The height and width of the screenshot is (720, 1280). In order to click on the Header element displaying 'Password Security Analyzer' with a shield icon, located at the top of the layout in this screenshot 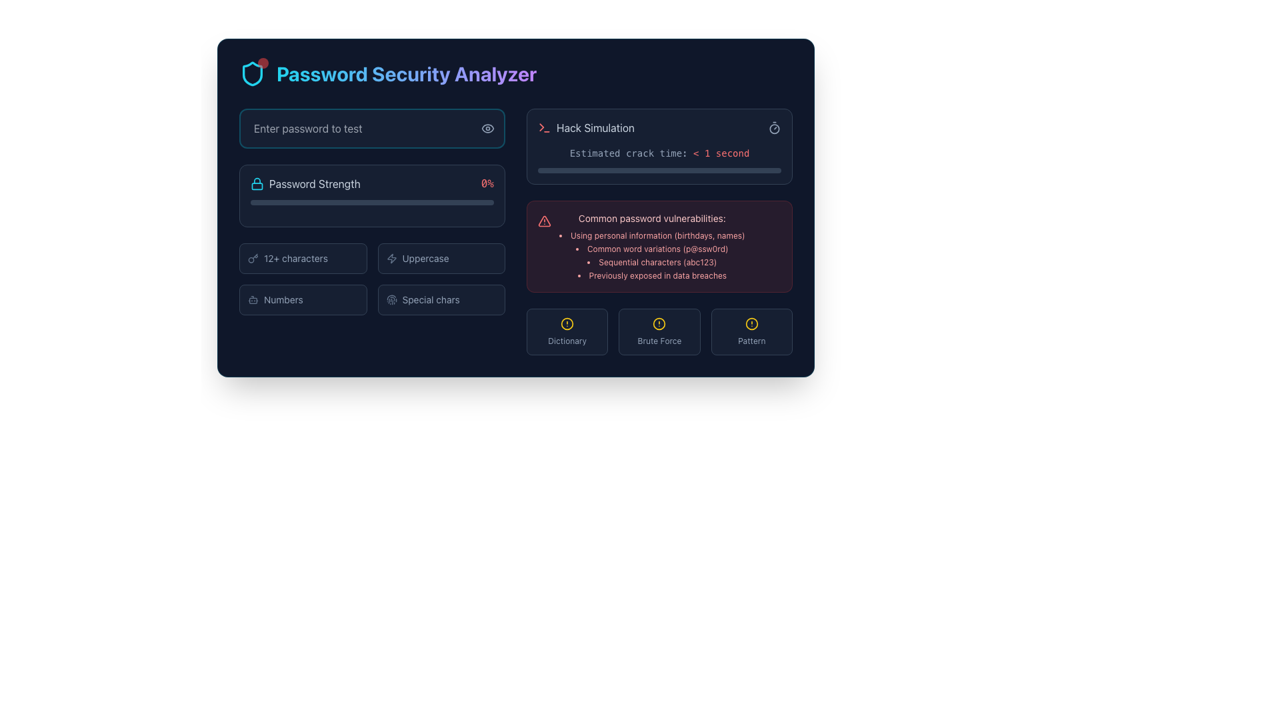, I will do `click(387, 74)`.